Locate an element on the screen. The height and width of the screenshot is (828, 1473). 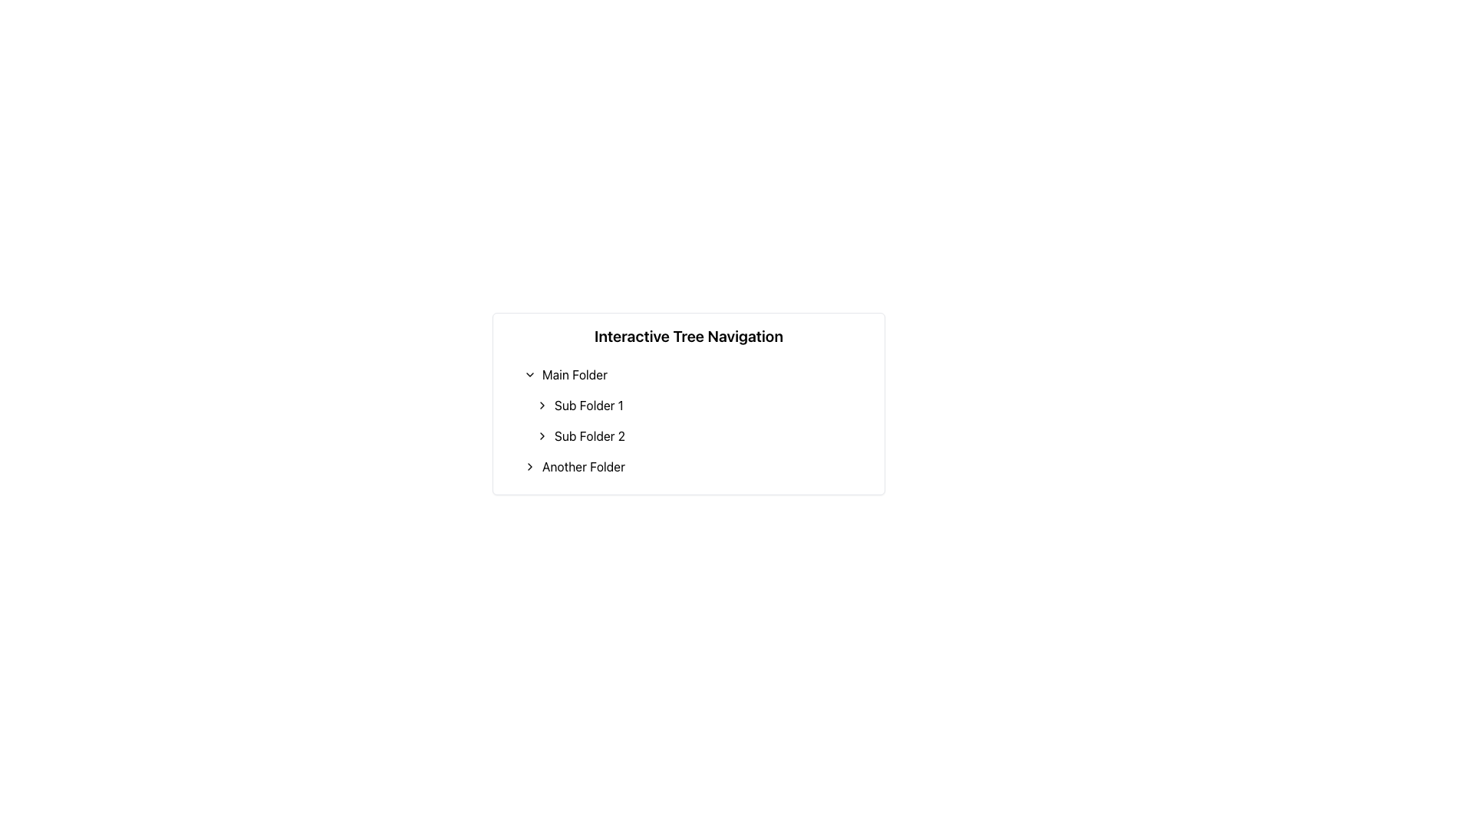
the chevron icon for 'Sub Folder 1', which is used to expand or collapse the corresponding folder in the tree navigation structure is located at coordinates (542, 404).